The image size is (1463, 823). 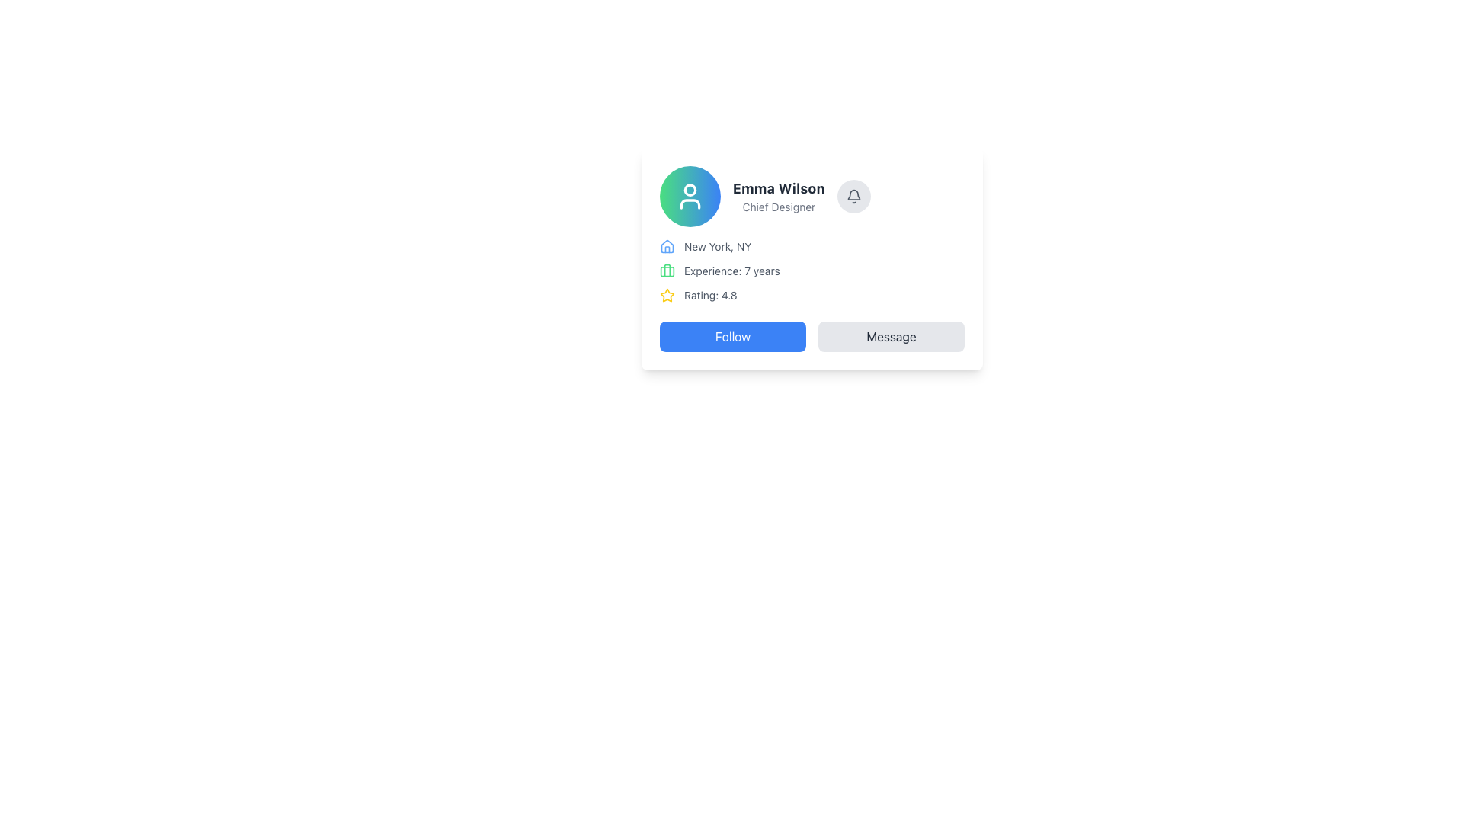 I want to click on the Decorative Icon, which resembles a blue house outline and is located beside the text 'New York, NY' within the user card, so click(x=667, y=245).